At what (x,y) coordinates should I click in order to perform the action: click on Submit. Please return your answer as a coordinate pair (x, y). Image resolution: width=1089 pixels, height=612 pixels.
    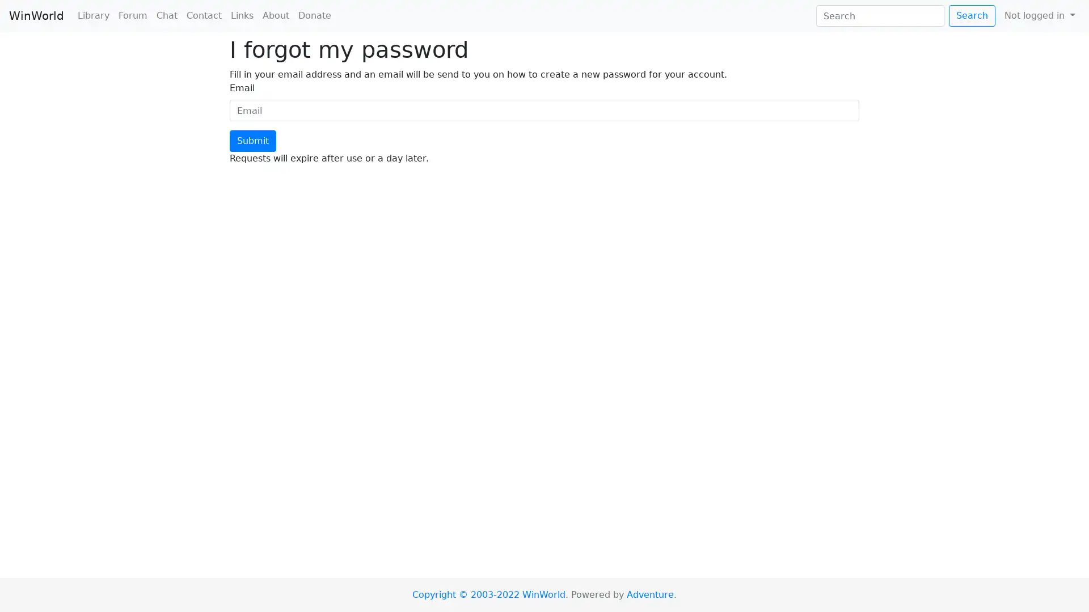
    Looking at the image, I should click on (252, 141).